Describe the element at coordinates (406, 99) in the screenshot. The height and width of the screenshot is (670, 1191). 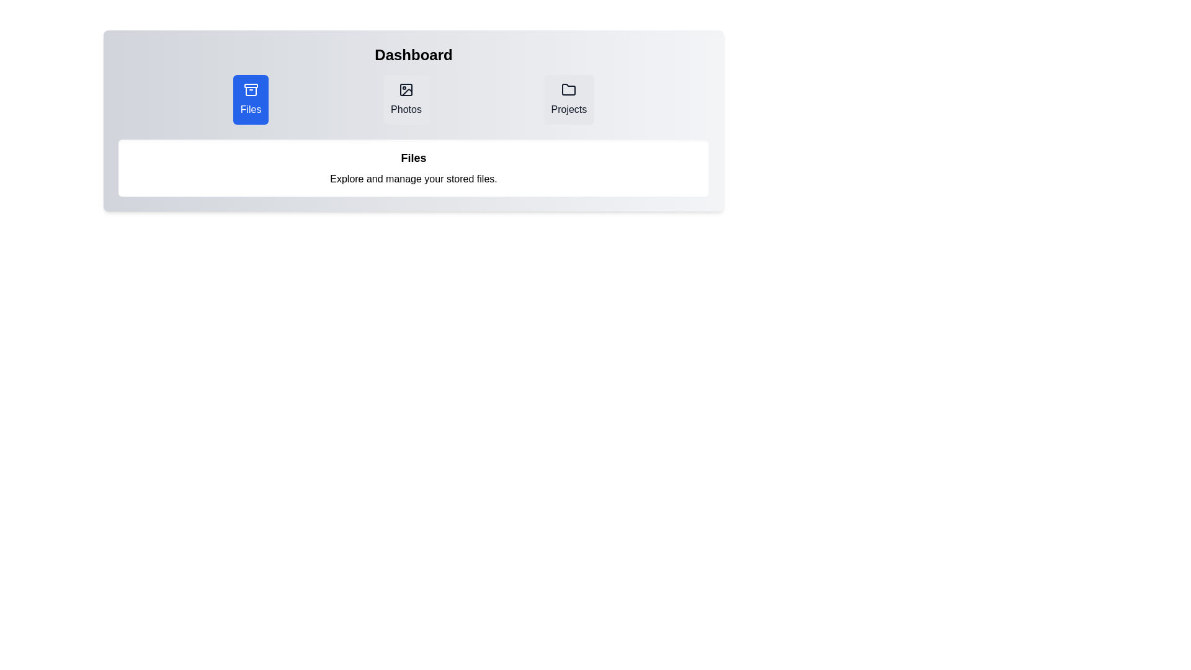
I see `the tab labeled Photos to view its content` at that location.